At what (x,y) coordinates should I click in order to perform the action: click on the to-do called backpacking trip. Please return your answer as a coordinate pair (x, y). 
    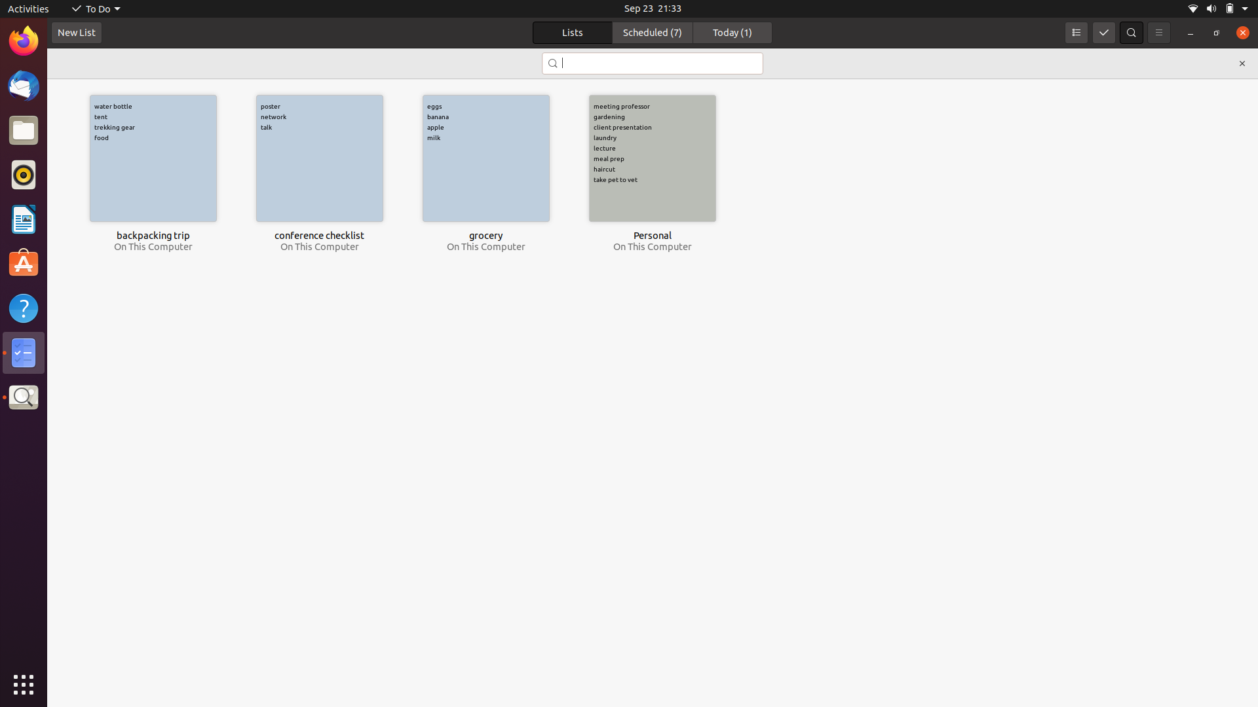
    Looking at the image, I should click on (153, 158).